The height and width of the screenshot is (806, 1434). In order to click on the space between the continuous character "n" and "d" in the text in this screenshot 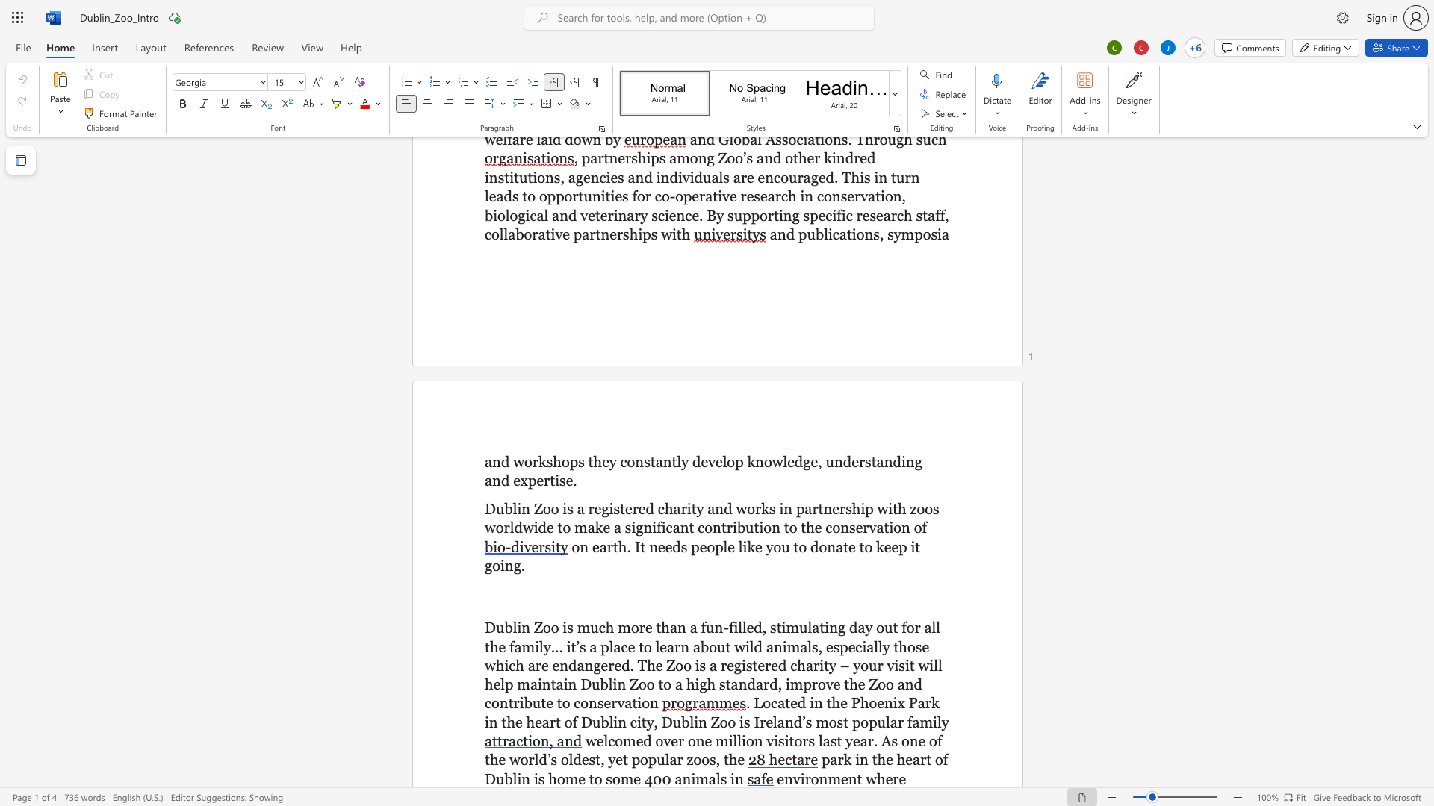, I will do `click(500, 460)`.